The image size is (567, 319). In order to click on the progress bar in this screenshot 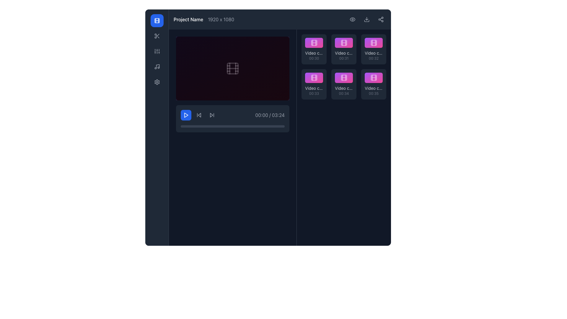, I will do `click(183, 126)`.